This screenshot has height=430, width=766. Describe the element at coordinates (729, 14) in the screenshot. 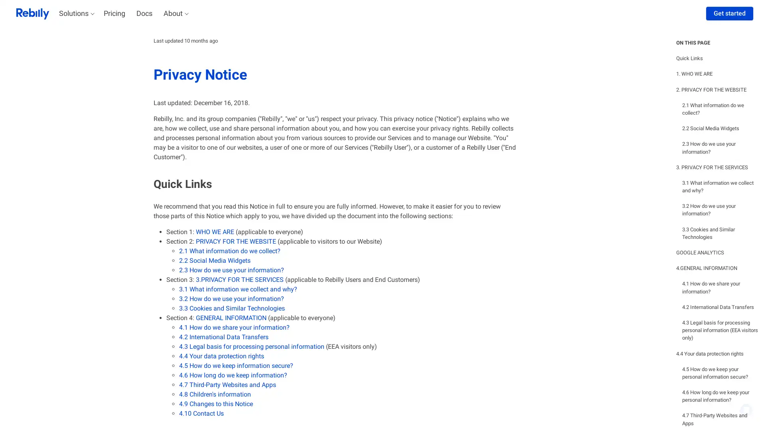

I see `Get started` at that location.